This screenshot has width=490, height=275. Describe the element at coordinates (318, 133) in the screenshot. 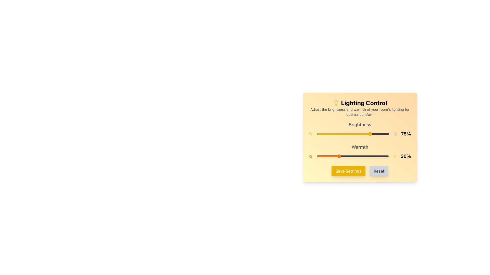

I see `the brightness` at that location.